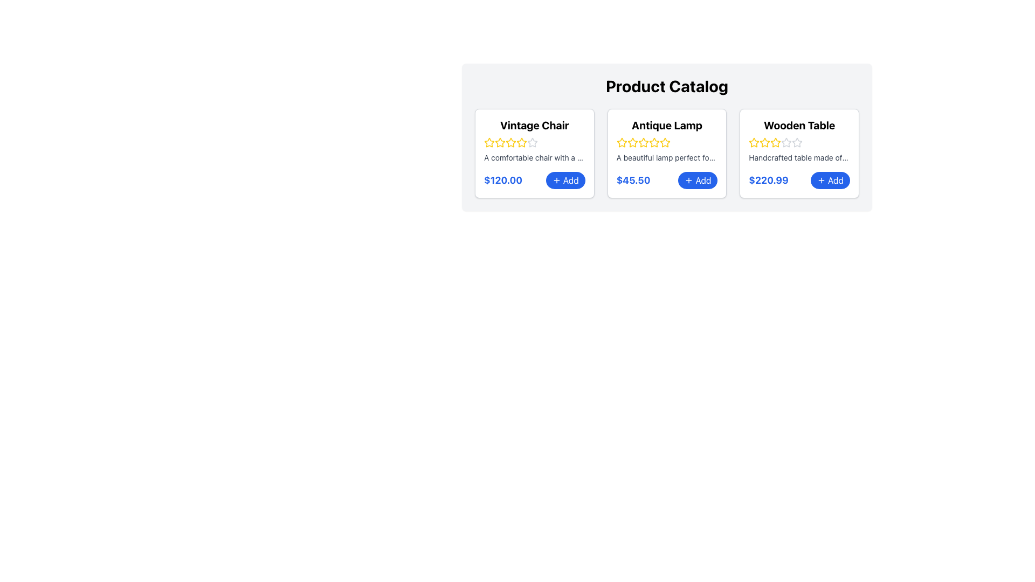 The height and width of the screenshot is (582, 1035). Describe the element at coordinates (565, 180) in the screenshot. I see `the button to add the 'Vintage Chair' product to the cart` at that location.